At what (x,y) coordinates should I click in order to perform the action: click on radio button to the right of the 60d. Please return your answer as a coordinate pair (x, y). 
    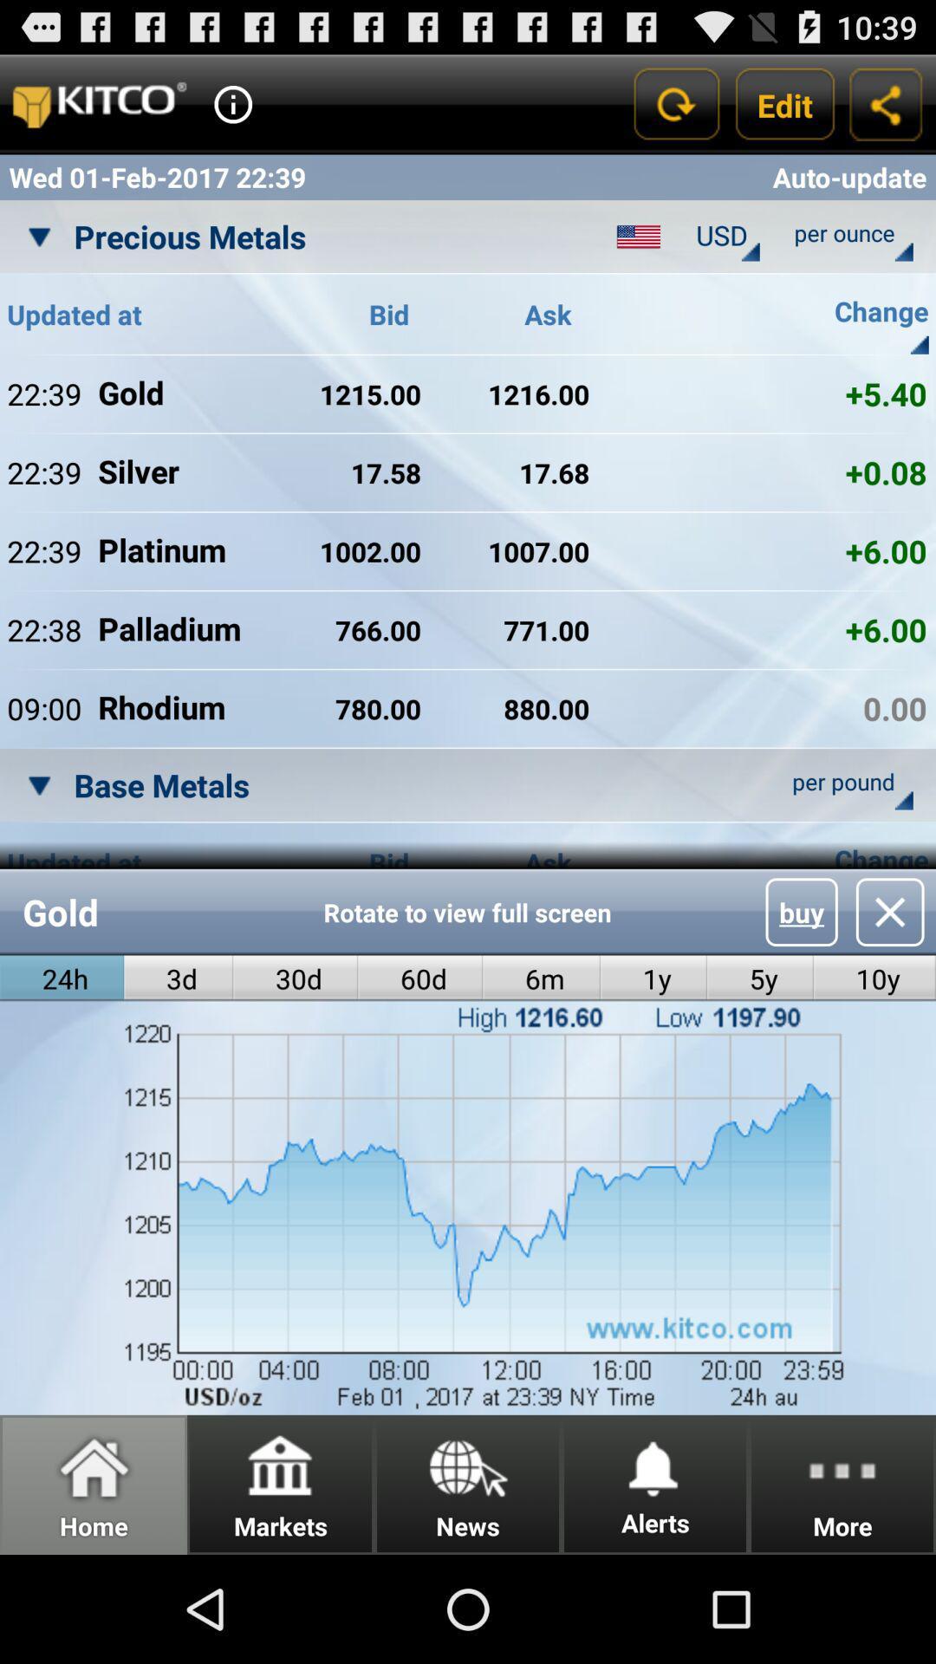
    Looking at the image, I should click on (541, 978).